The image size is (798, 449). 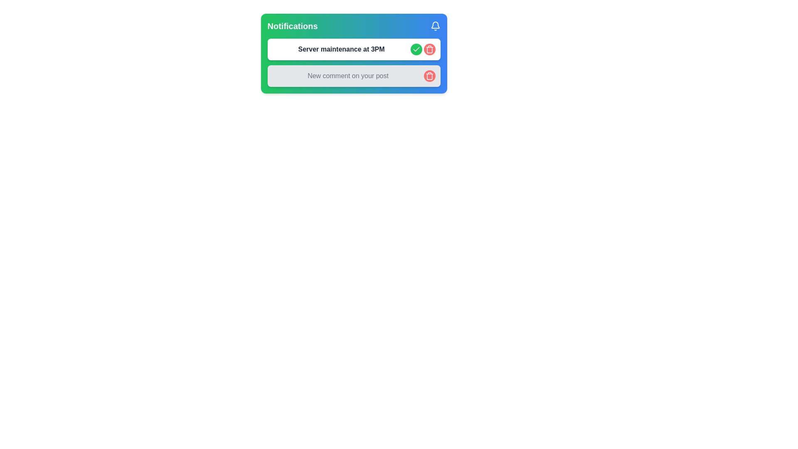 I want to click on the Text Label that provides information about server maintenance, located at the top-left portion of the notification card under the 'Notifications' header, so click(x=341, y=49).